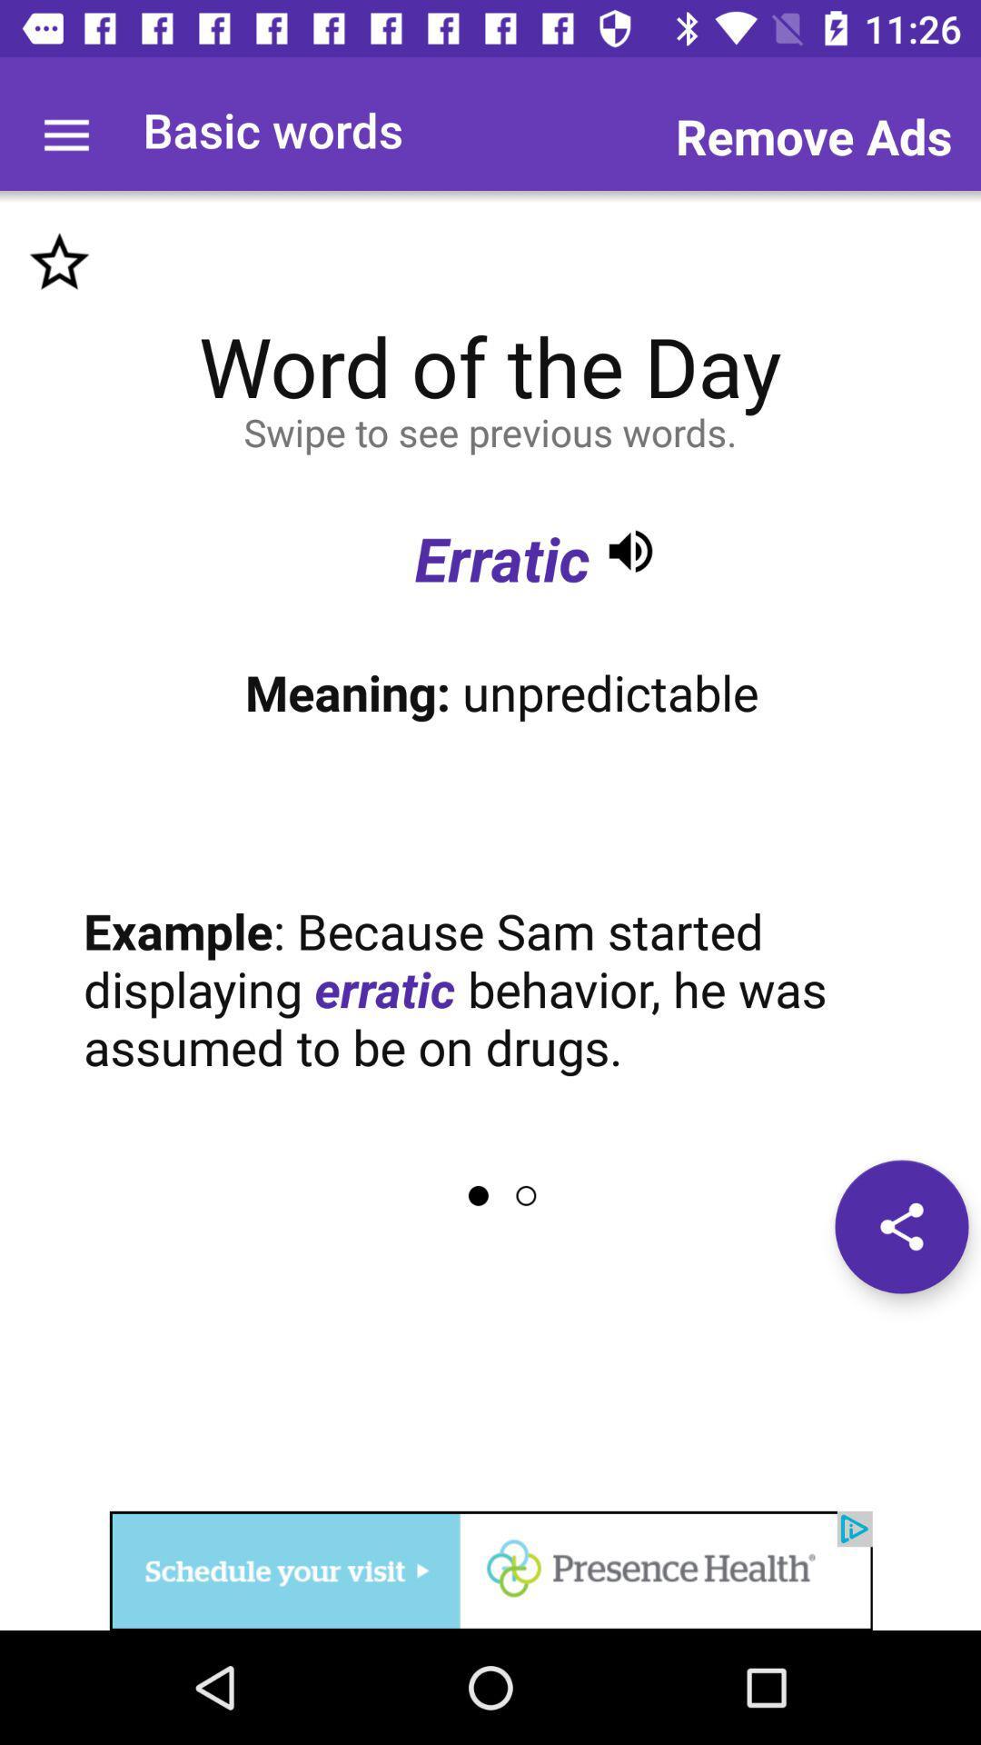 The image size is (981, 1745). What do you see at coordinates (58, 262) in the screenshot?
I see `favorite` at bounding box center [58, 262].